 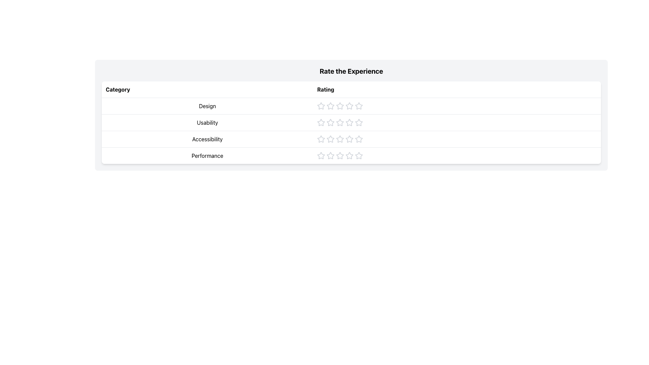 What do you see at coordinates (351, 106) in the screenshot?
I see `the first star icon in the 'Design' rating row to provide a rating for the design` at bounding box center [351, 106].